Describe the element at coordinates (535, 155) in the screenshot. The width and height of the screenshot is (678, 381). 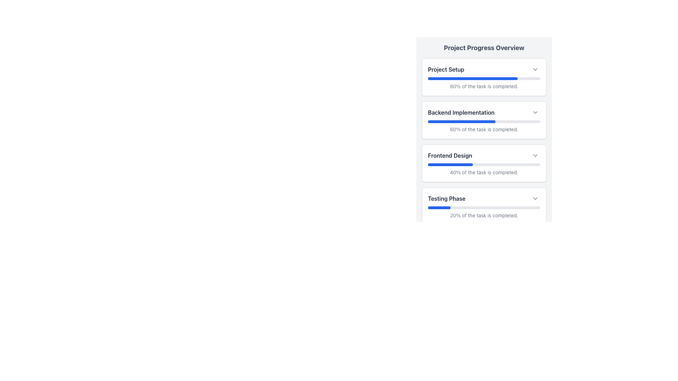
I see `the downward-pointing chevron icon located to the right of the 'Frontend Design' section in the 'Project Progress Overview' interface` at that location.